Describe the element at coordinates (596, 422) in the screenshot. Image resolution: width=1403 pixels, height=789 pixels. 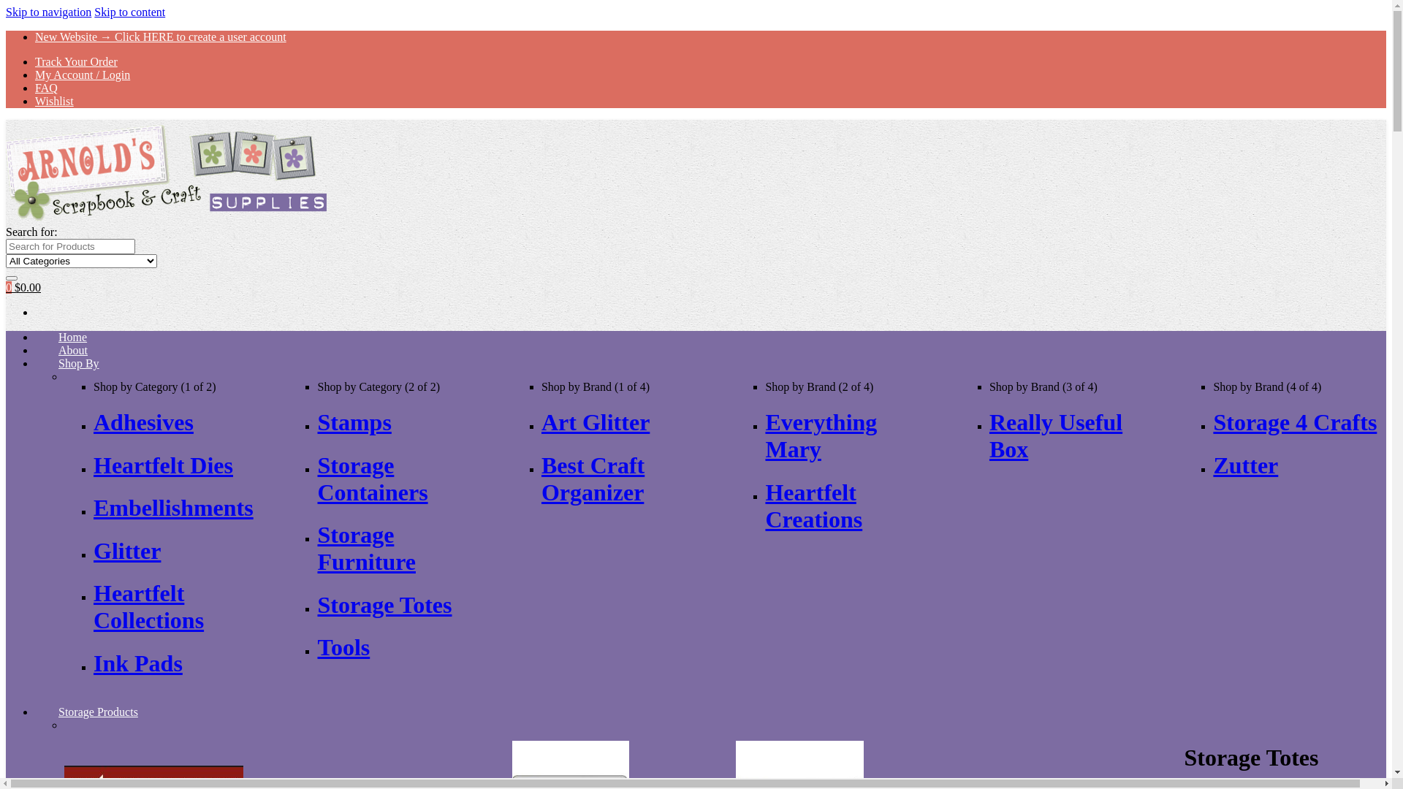
I see `'Art Glitter'` at that location.